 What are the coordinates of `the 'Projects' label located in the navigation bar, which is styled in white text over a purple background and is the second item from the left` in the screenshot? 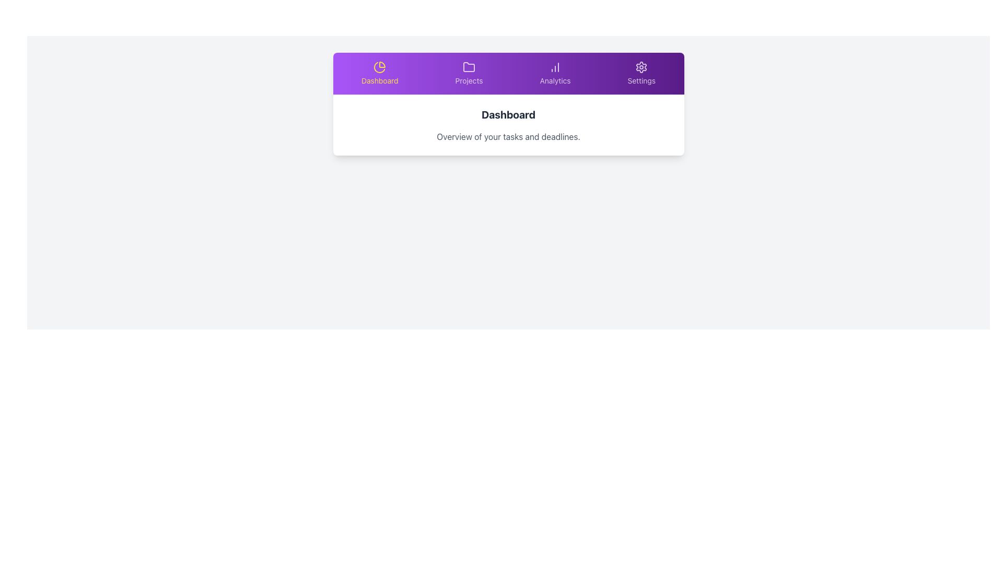 It's located at (468, 80).